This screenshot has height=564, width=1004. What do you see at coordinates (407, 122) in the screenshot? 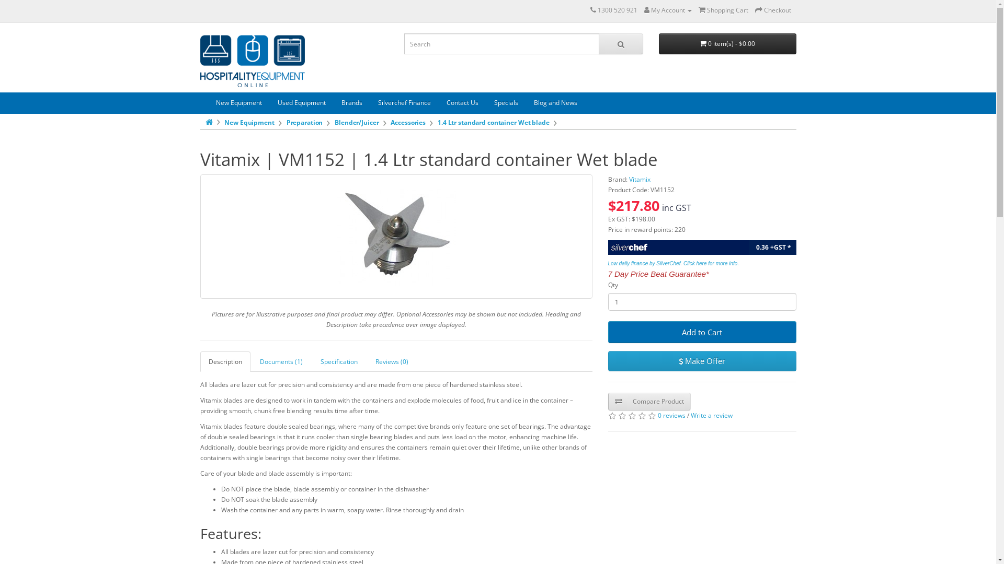
I see `'Accessories'` at bounding box center [407, 122].